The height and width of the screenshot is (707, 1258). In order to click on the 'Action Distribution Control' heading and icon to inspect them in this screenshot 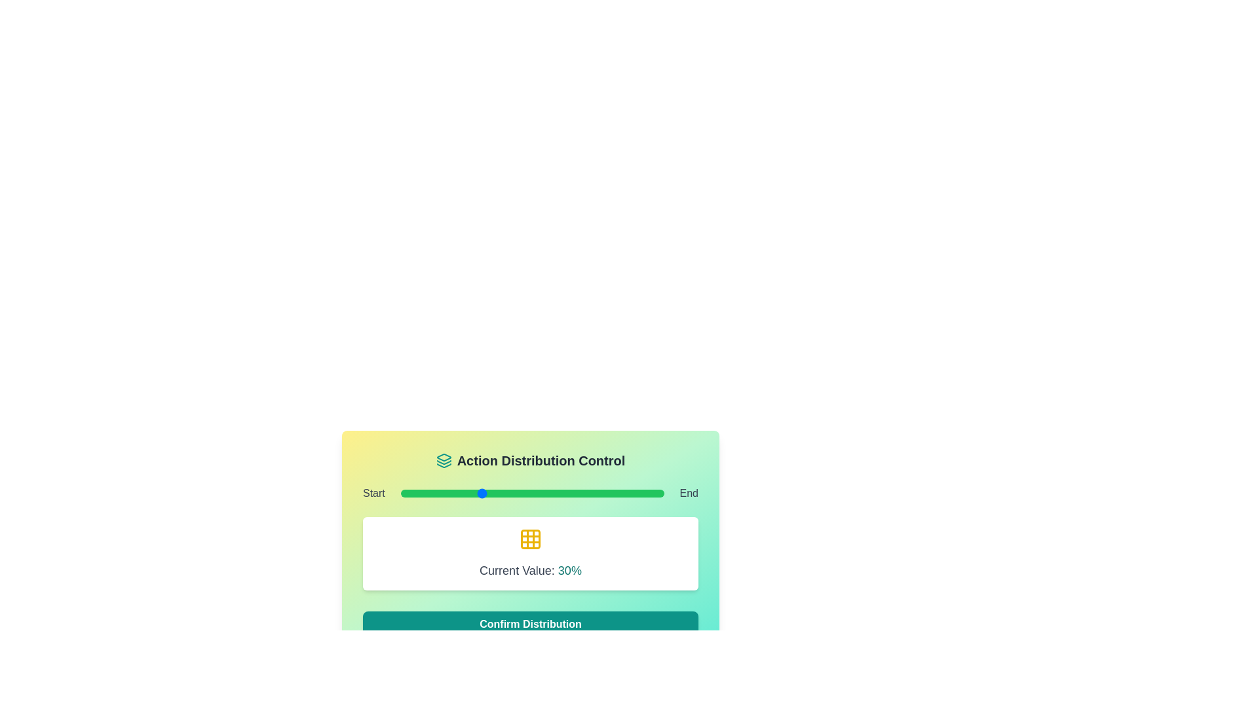, I will do `click(531, 460)`.